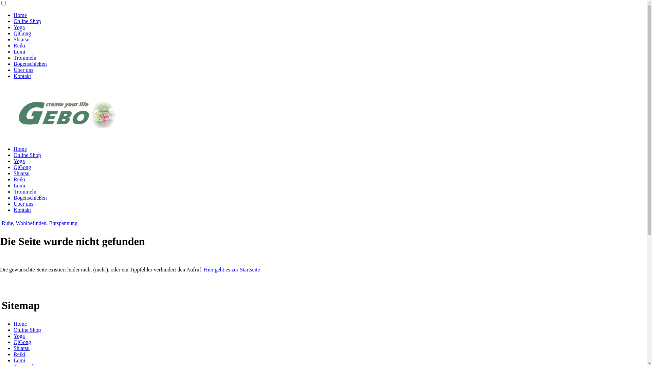 This screenshot has width=652, height=366. Describe the element at coordinates (25, 57) in the screenshot. I see `'Trommeln'` at that location.